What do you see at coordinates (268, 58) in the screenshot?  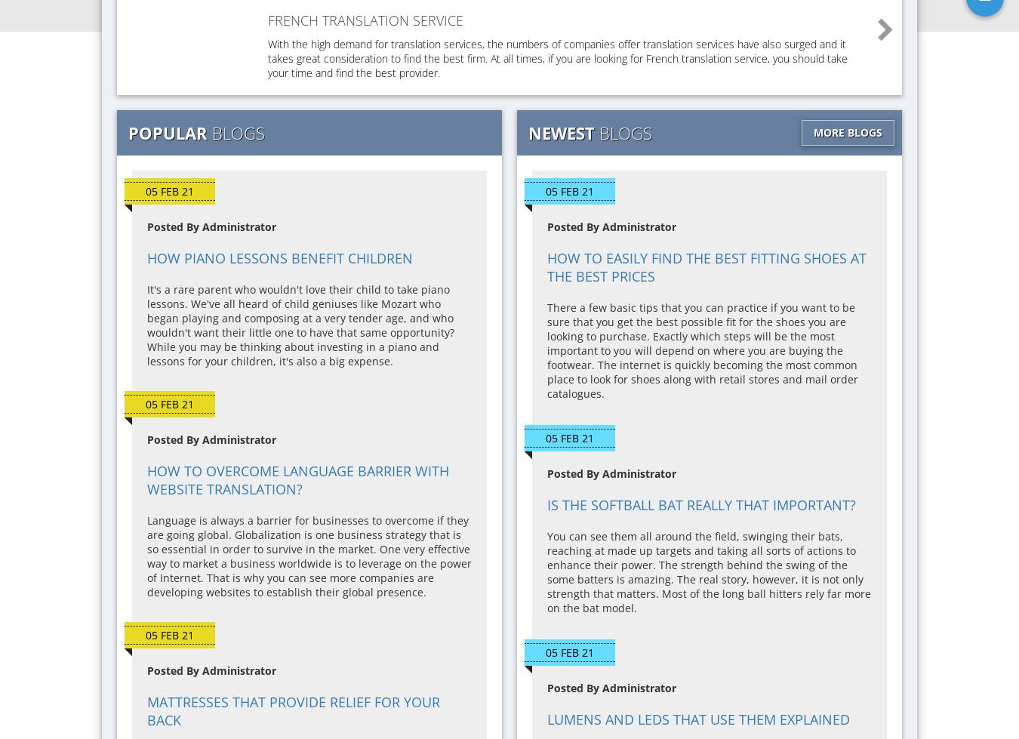 I see `'With the high demand for translation services, the numbers of companies offer translation services have also surged and it takes great consideration to find the best firm. At all times, if you are looking for French translation service, you should take your time and find the best provider.'` at bounding box center [268, 58].